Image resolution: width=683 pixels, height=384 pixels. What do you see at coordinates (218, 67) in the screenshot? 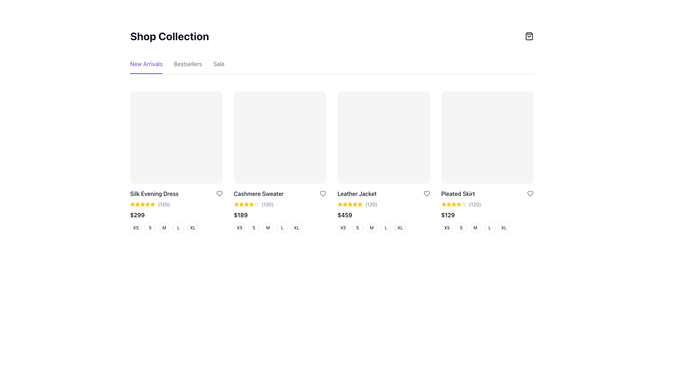
I see `the 'Sale' navigation link to observe a color change, which is the last element in the horizontal navigation menu below the 'Shop Collection' title` at bounding box center [218, 67].